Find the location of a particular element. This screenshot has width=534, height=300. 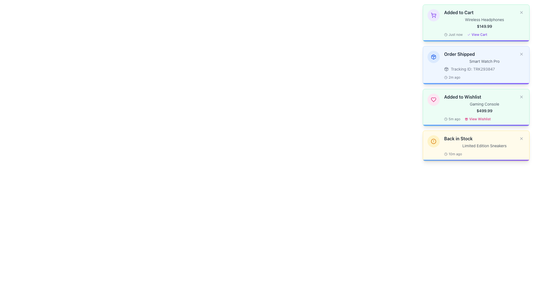

the 'Tracking ID: TRK293847' text label with the accompanying package icon, which is situated within the 'Order Shipped' panel, located below 'Smart Watch Pro' and above '2m ago' is located at coordinates (484, 69).